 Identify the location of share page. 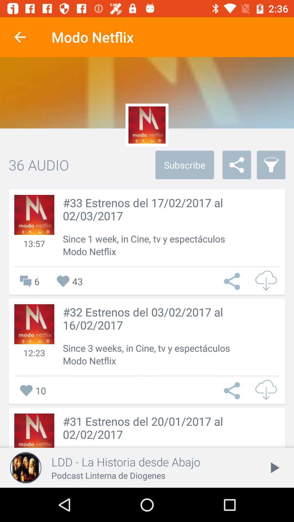
(233, 390).